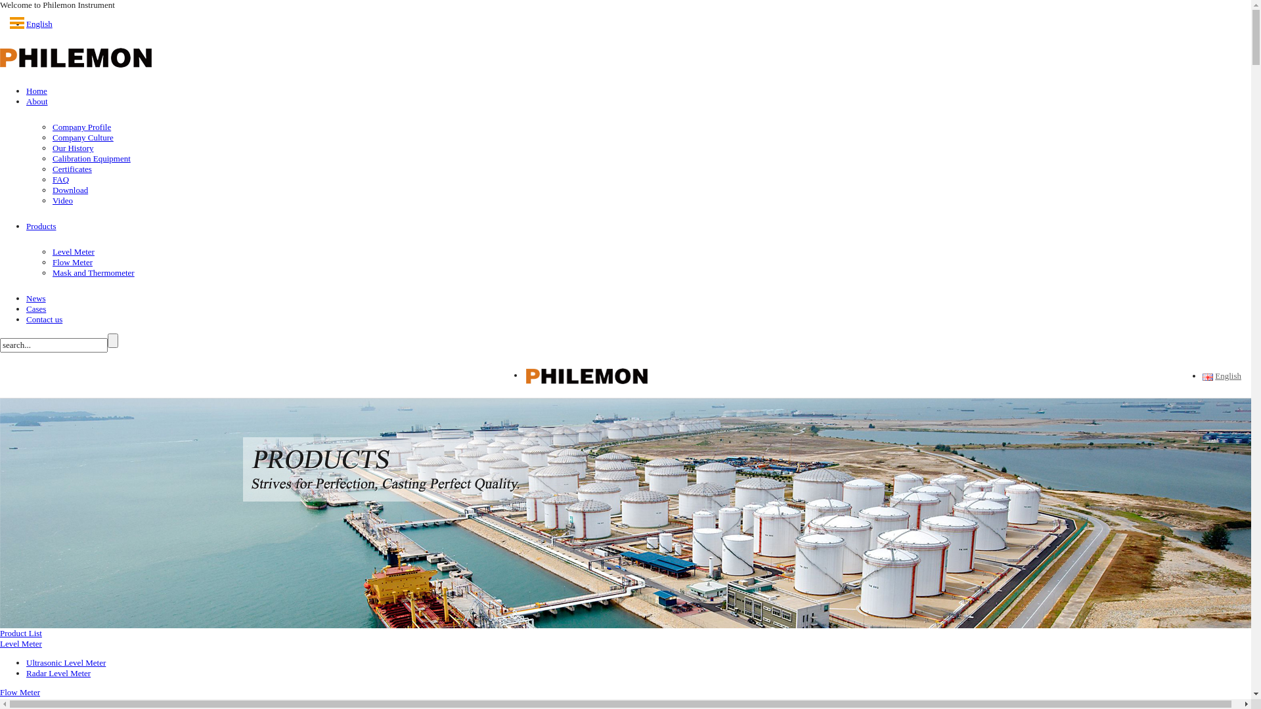 The image size is (1261, 709). What do you see at coordinates (37, 100) in the screenshot?
I see `'About'` at bounding box center [37, 100].